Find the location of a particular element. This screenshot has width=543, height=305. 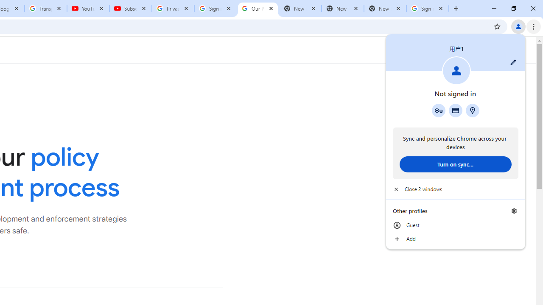

'Close 2 windows' is located at coordinates (455, 189).